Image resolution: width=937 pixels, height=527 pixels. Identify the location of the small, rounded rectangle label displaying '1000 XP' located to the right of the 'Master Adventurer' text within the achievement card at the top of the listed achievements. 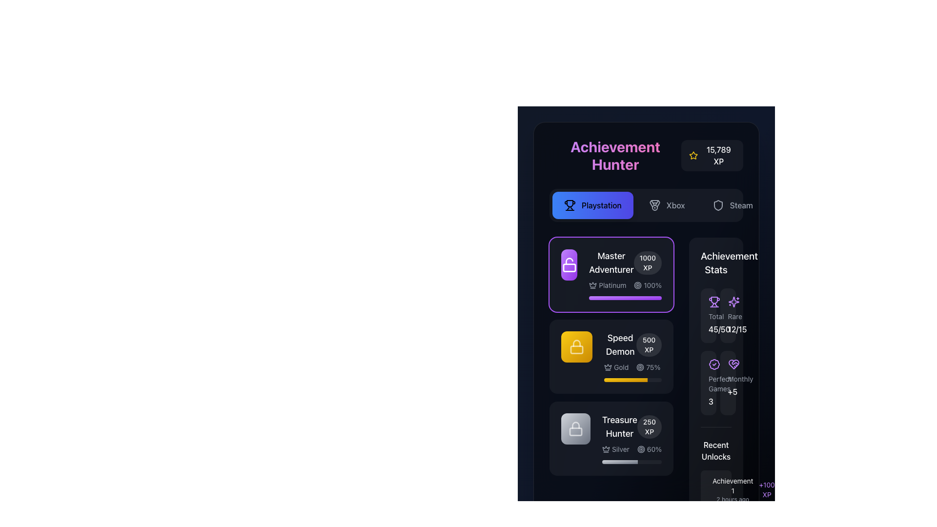
(648, 263).